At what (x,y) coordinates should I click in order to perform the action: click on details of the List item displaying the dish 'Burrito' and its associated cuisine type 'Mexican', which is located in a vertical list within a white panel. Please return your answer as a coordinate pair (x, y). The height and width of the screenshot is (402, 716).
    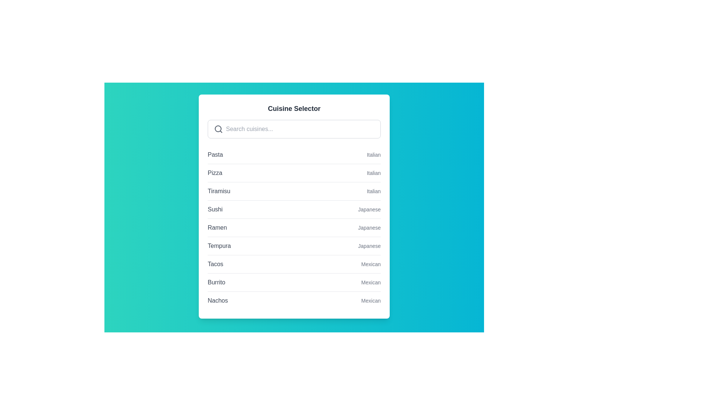
    Looking at the image, I should click on (293, 282).